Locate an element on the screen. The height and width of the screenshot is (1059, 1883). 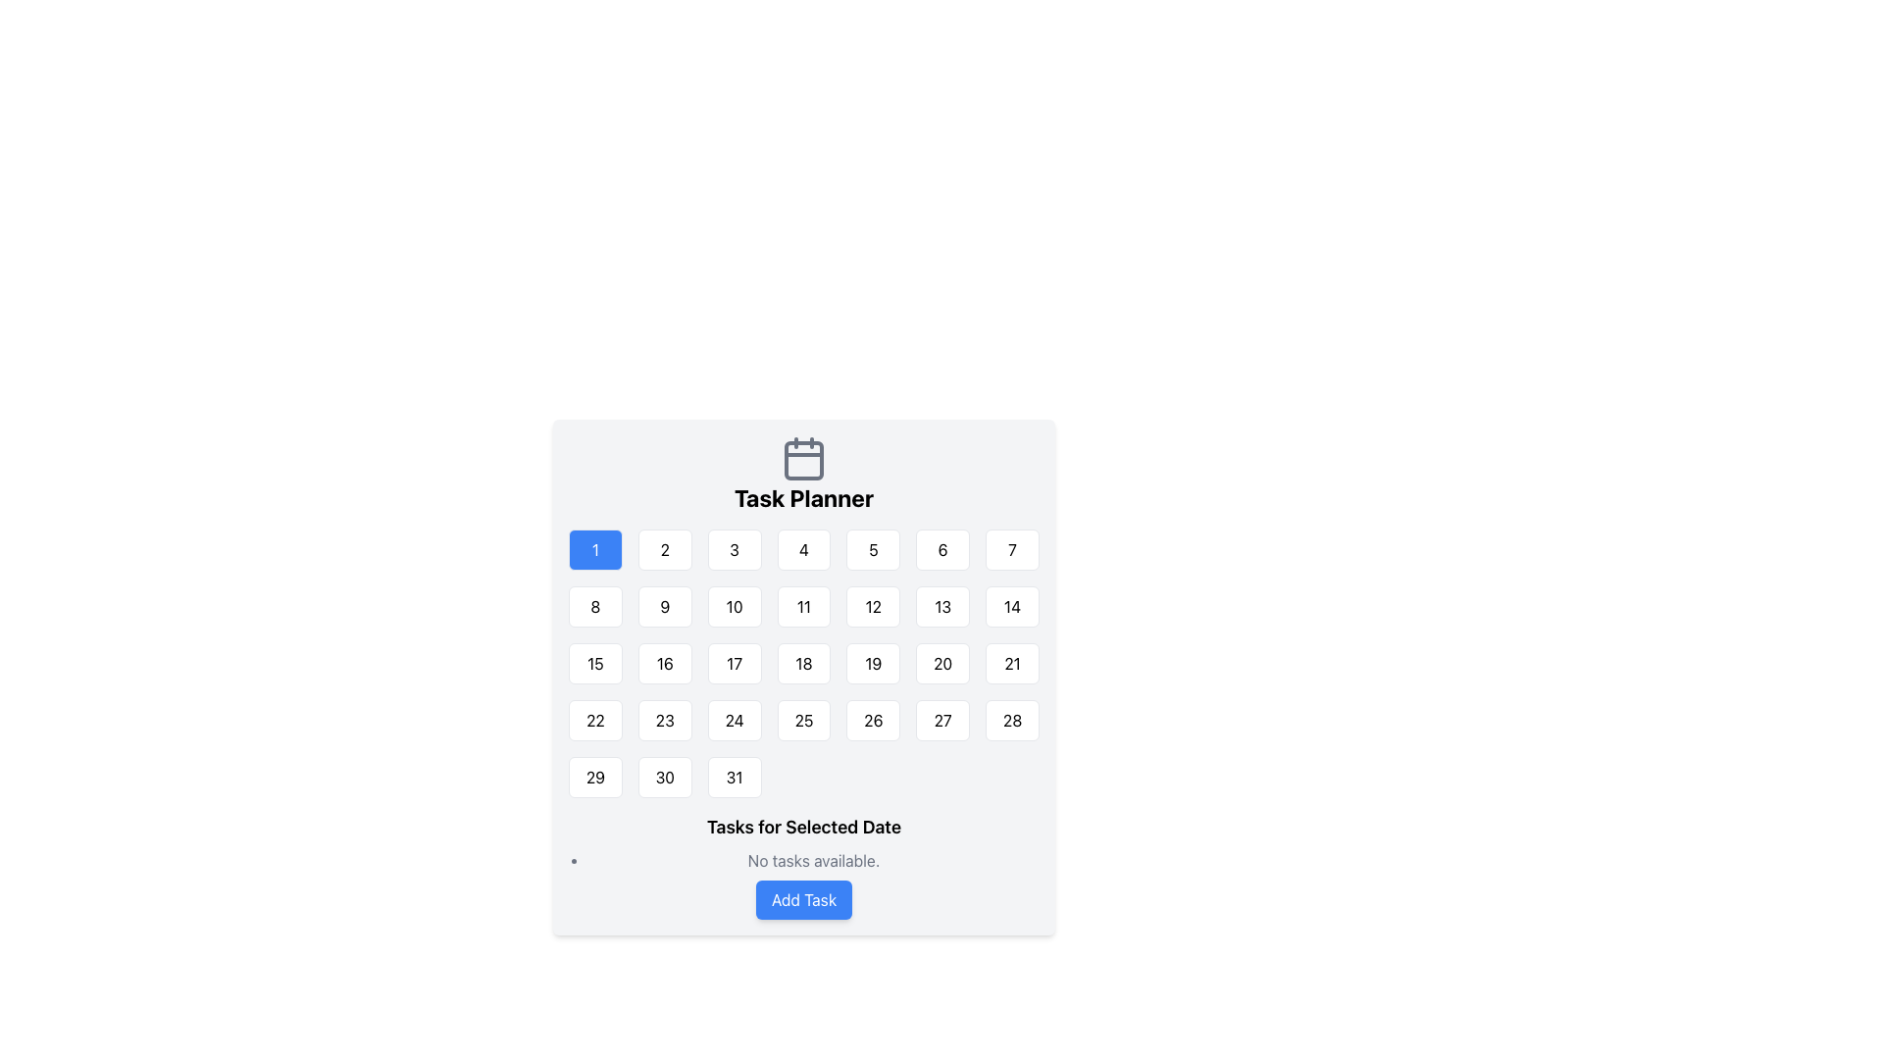
the button representing the selectable day '3' in the calendar interface is located at coordinates (734, 549).